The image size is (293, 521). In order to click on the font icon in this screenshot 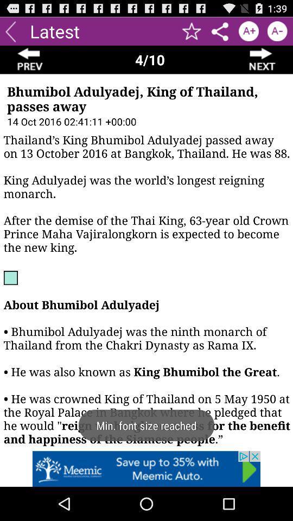, I will do `click(249, 33)`.